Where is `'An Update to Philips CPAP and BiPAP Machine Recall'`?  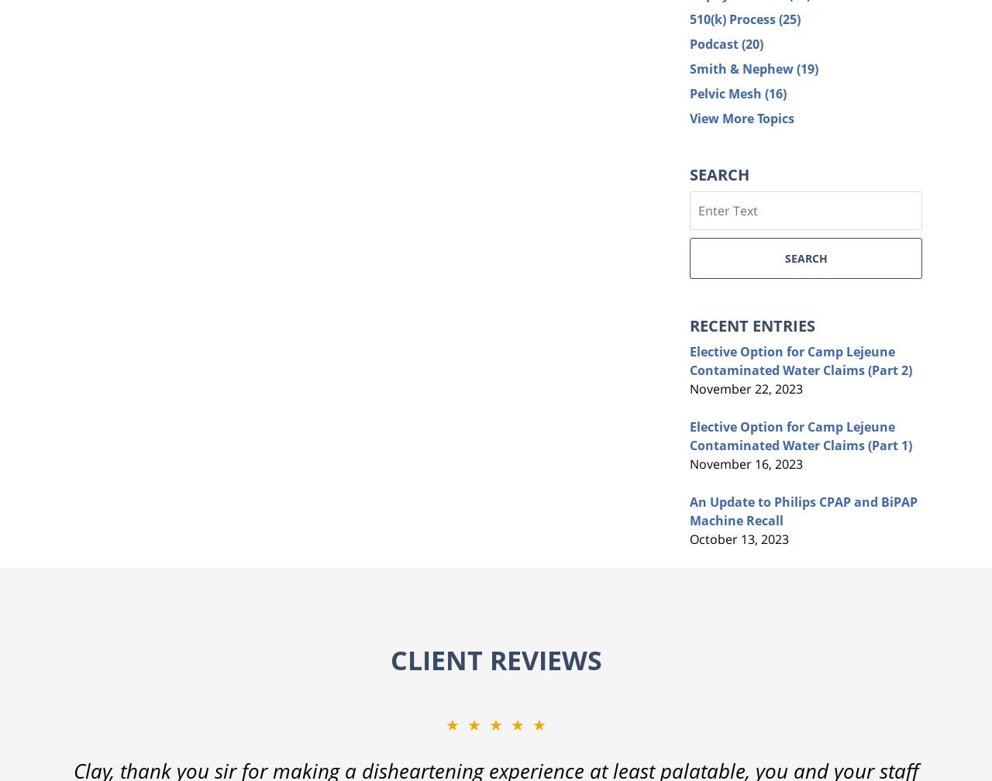 'An Update to Philips CPAP and BiPAP Machine Recall' is located at coordinates (804, 511).